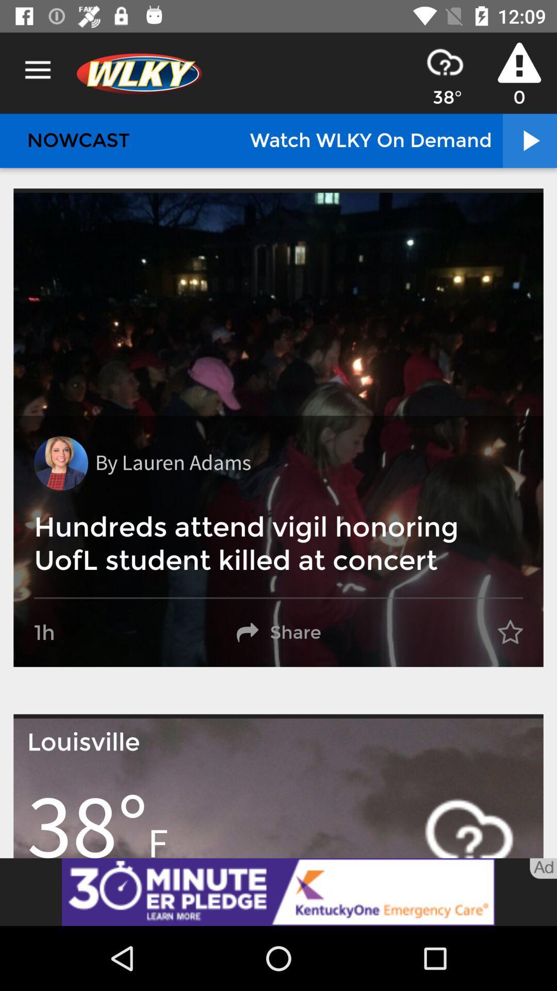 Image resolution: width=557 pixels, height=991 pixels. I want to click on link to advertisement, so click(278, 891).